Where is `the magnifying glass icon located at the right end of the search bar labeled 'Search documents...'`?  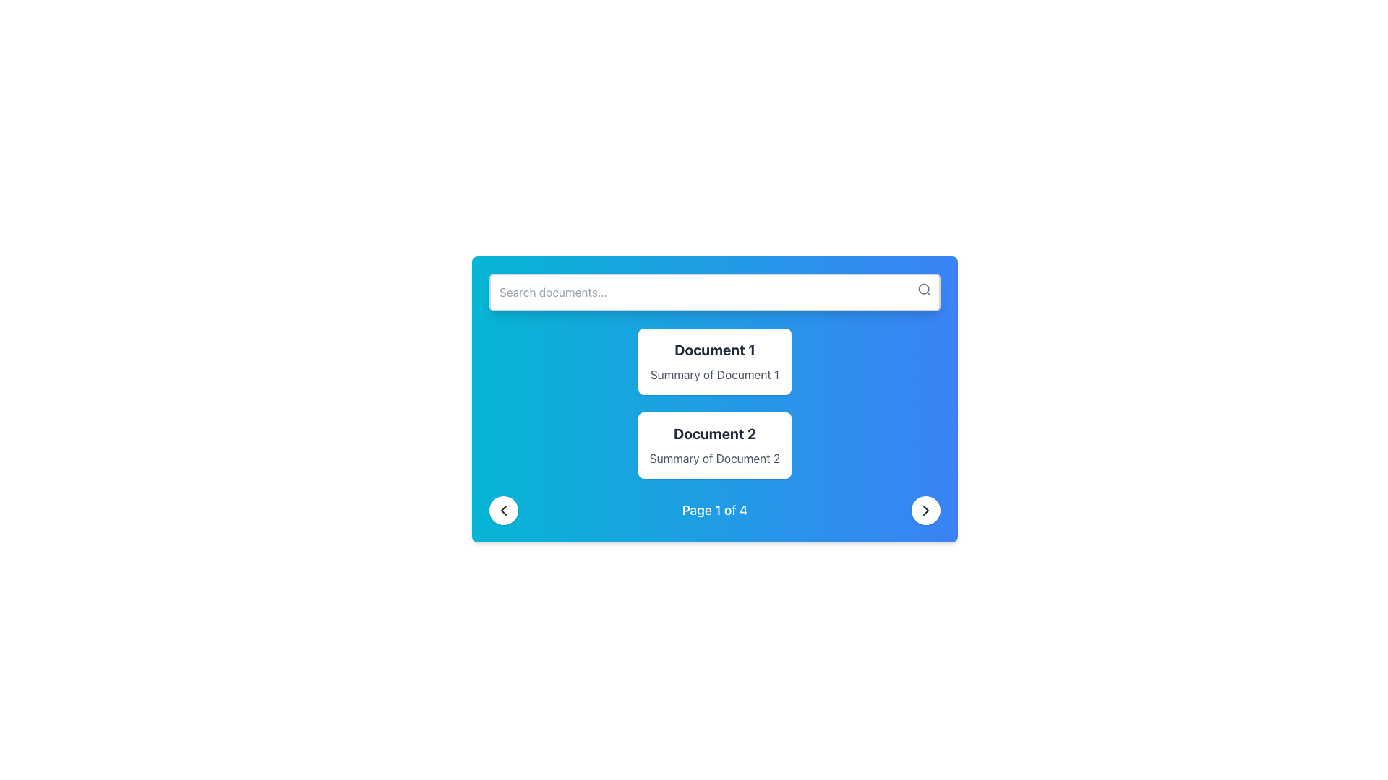 the magnifying glass icon located at the right end of the search bar labeled 'Search documents...' is located at coordinates (923, 290).